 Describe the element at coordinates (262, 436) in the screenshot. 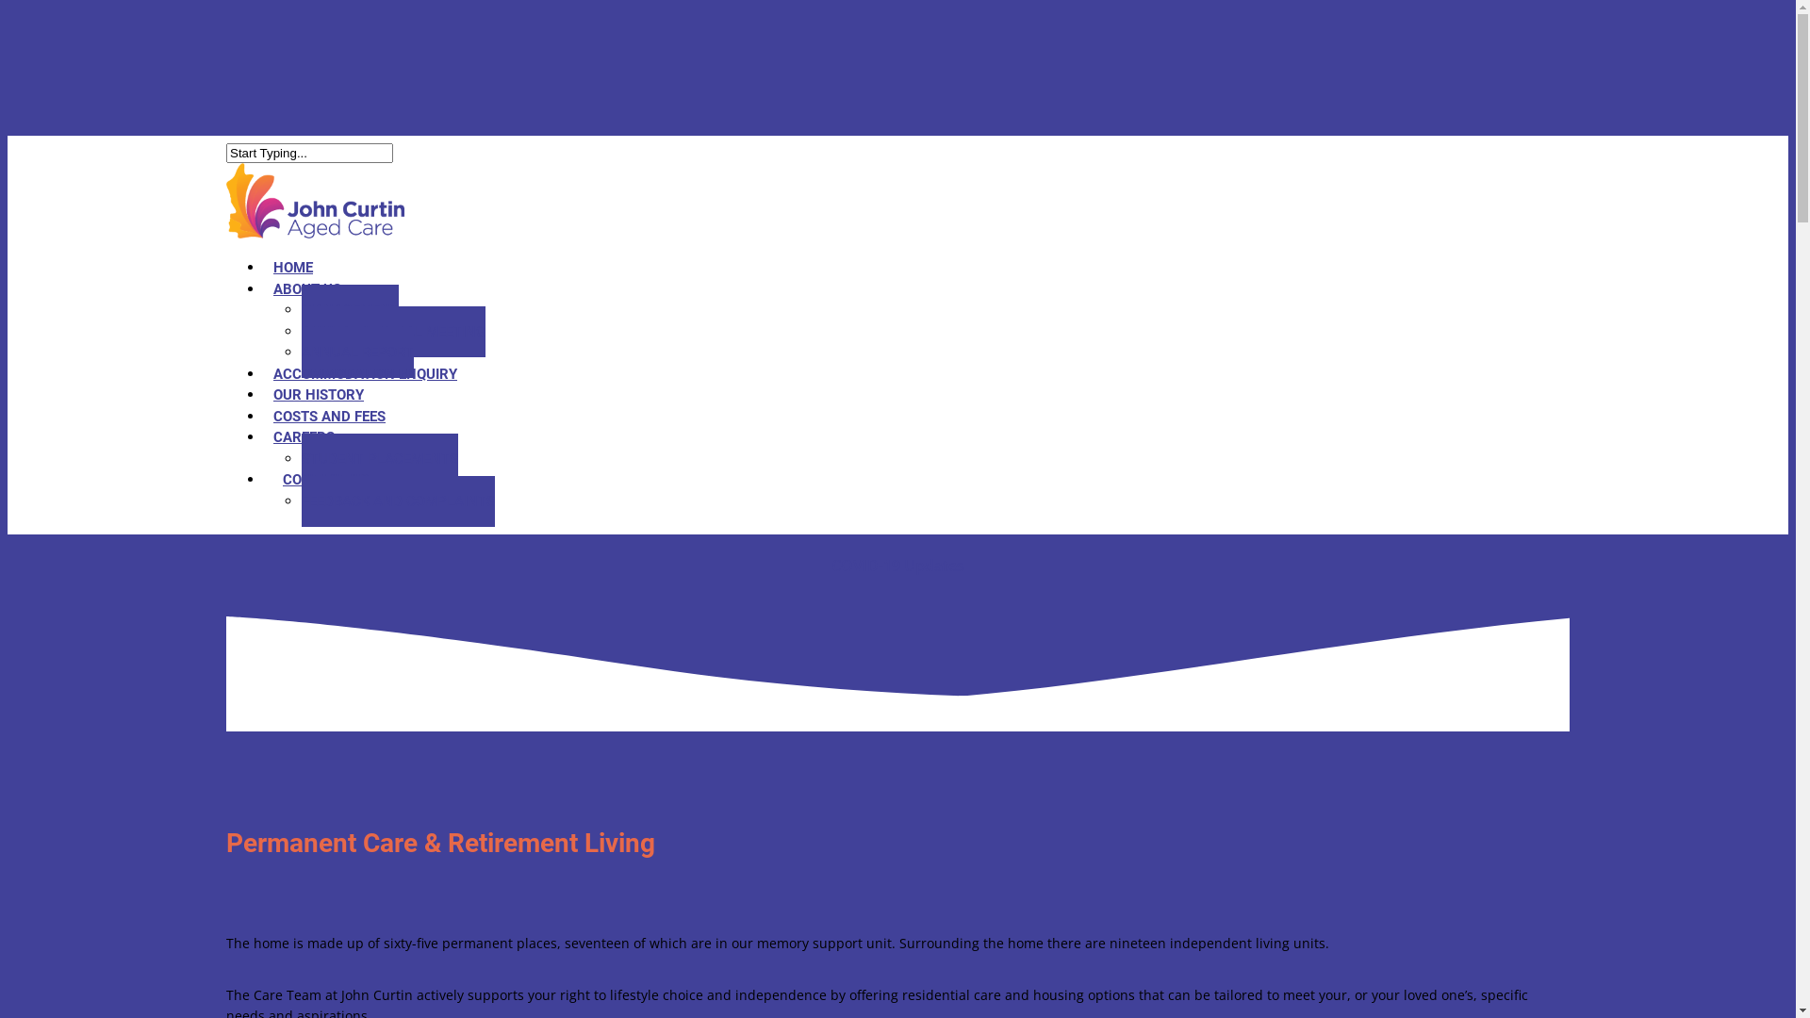

I see `'CAREERS'` at that location.